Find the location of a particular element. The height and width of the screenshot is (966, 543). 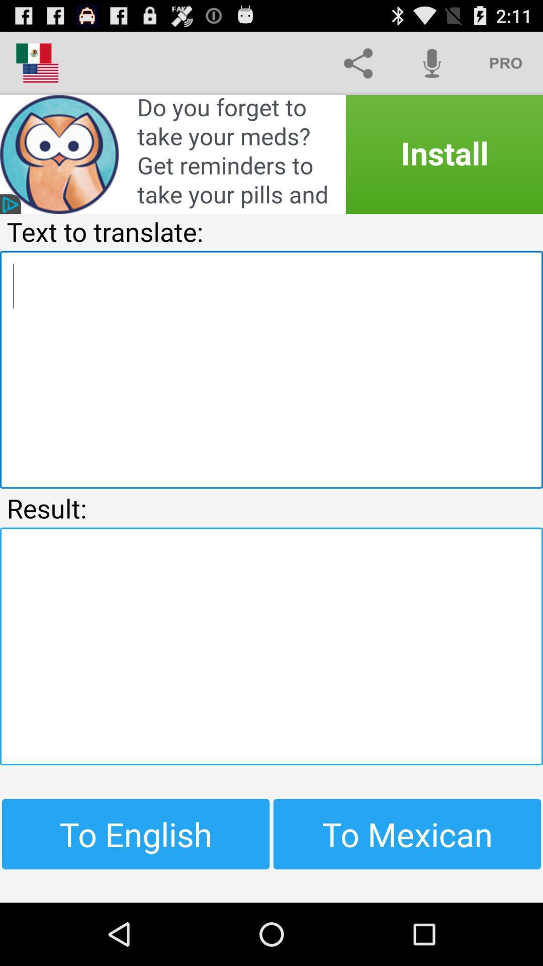

install is located at coordinates (271, 154).